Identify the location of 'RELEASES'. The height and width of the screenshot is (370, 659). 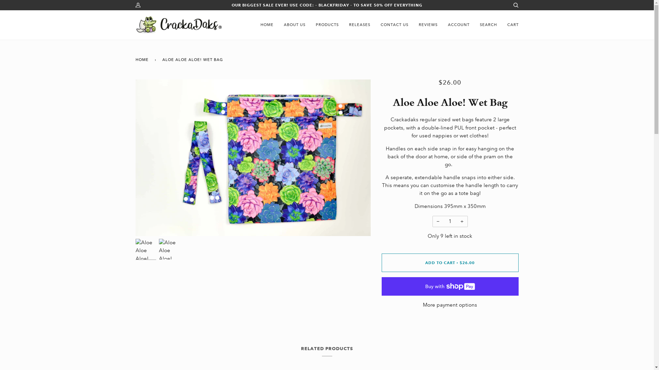
(359, 25).